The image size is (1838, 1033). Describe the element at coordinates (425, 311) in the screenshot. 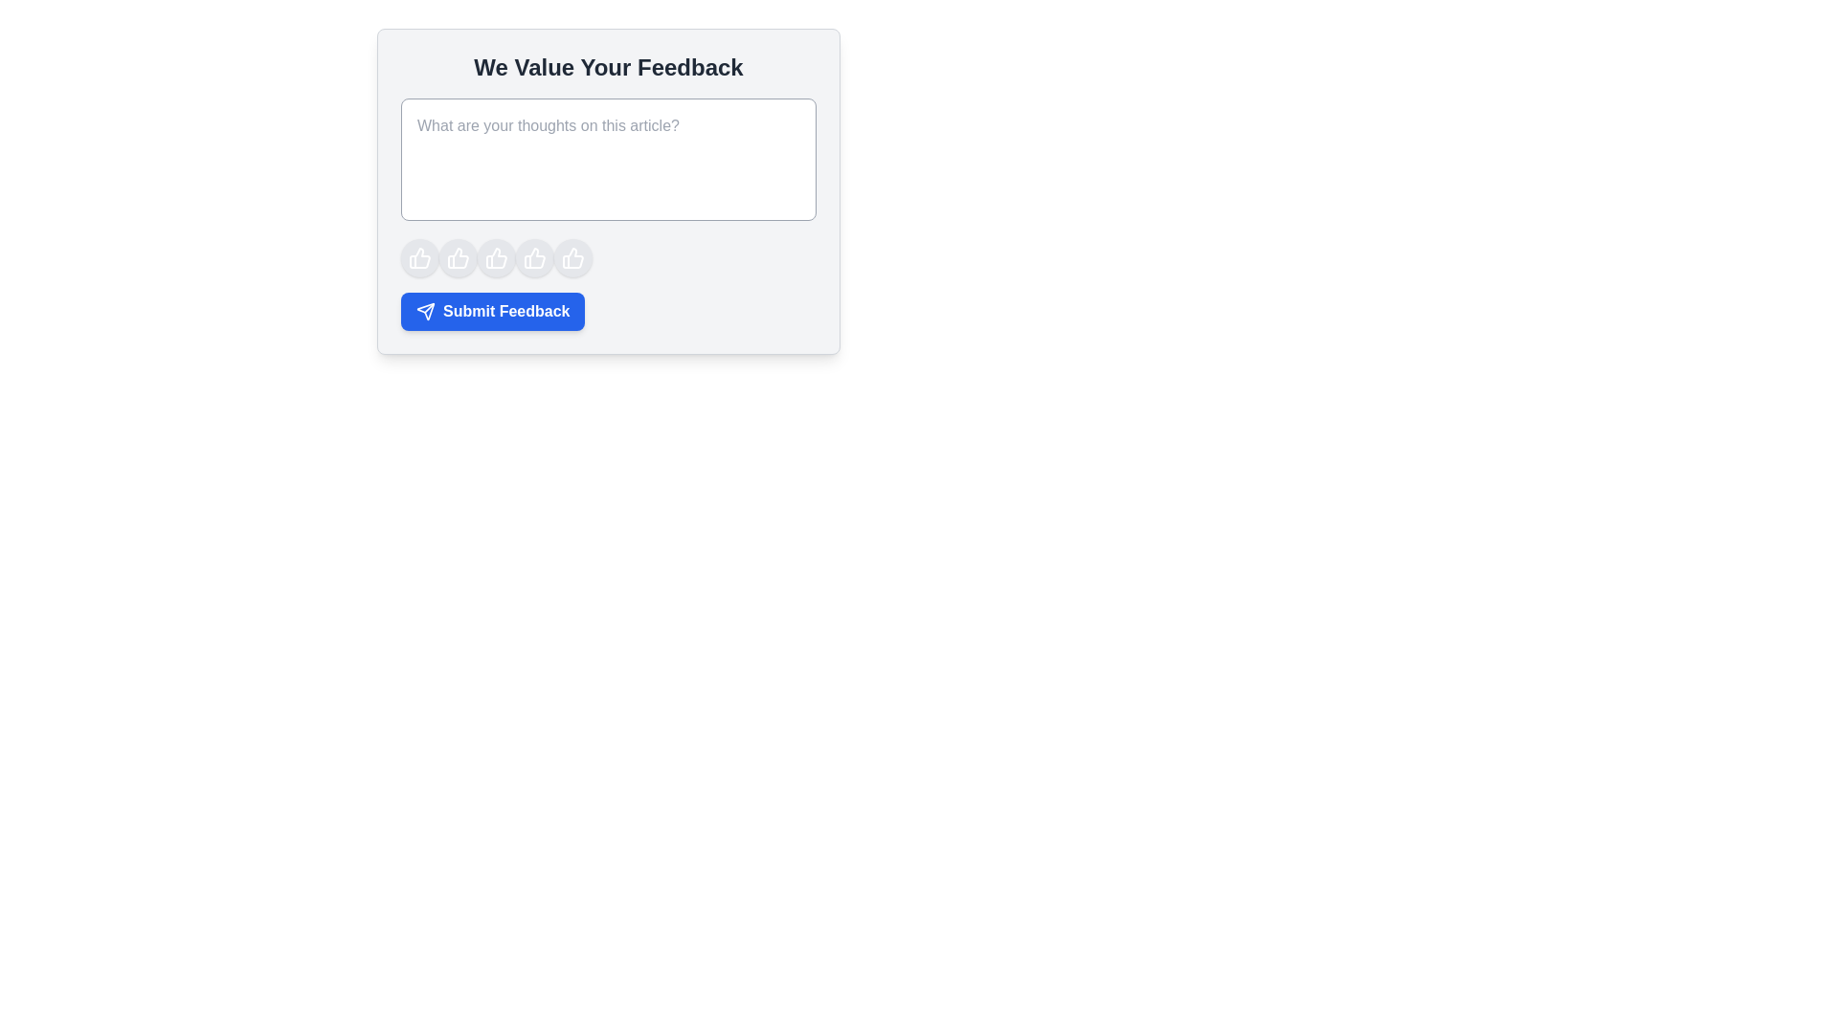

I see `the paper plane icon, which is a vector graphic styled with rounded corners and strokes, located on the left side of the 'Submit Feedback' button` at that location.